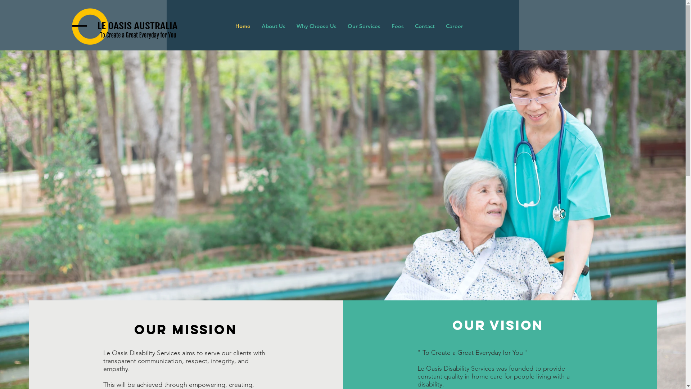 Image resolution: width=691 pixels, height=389 pixels. I want to click on 'Our Services', so click(364, 26).